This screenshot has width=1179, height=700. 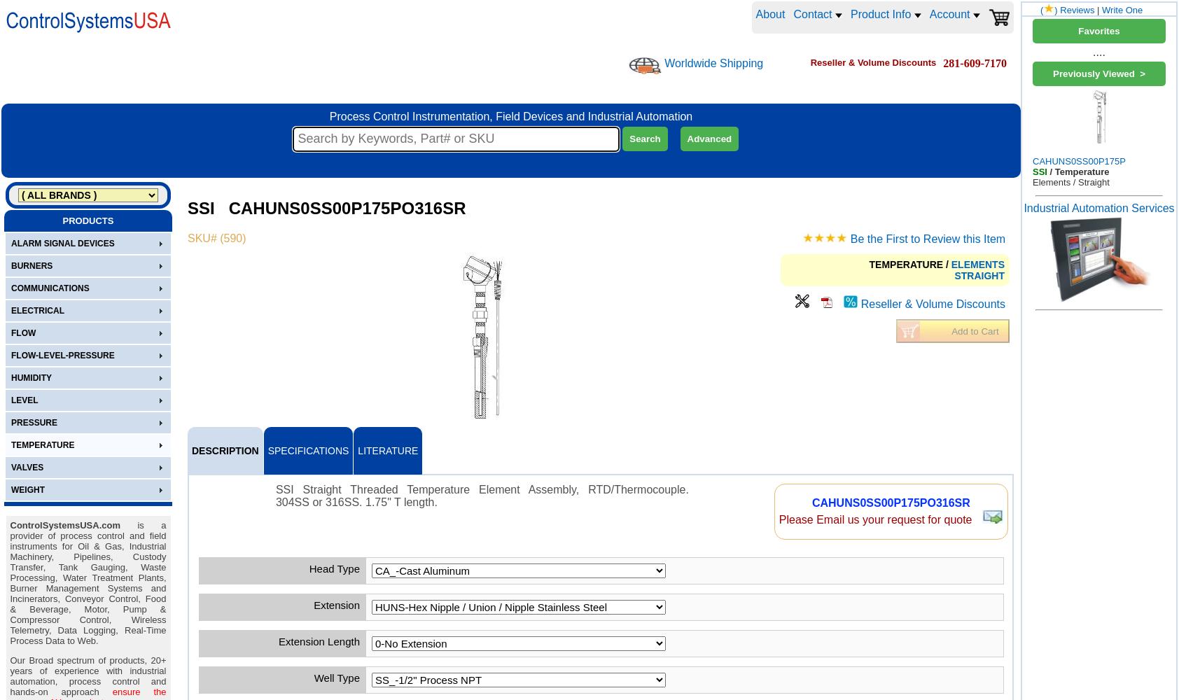 What do you see at coordinates (713, 62) in the screenshot?
I see `'Worldwide Shipping'` at bounding box center [713, 62].